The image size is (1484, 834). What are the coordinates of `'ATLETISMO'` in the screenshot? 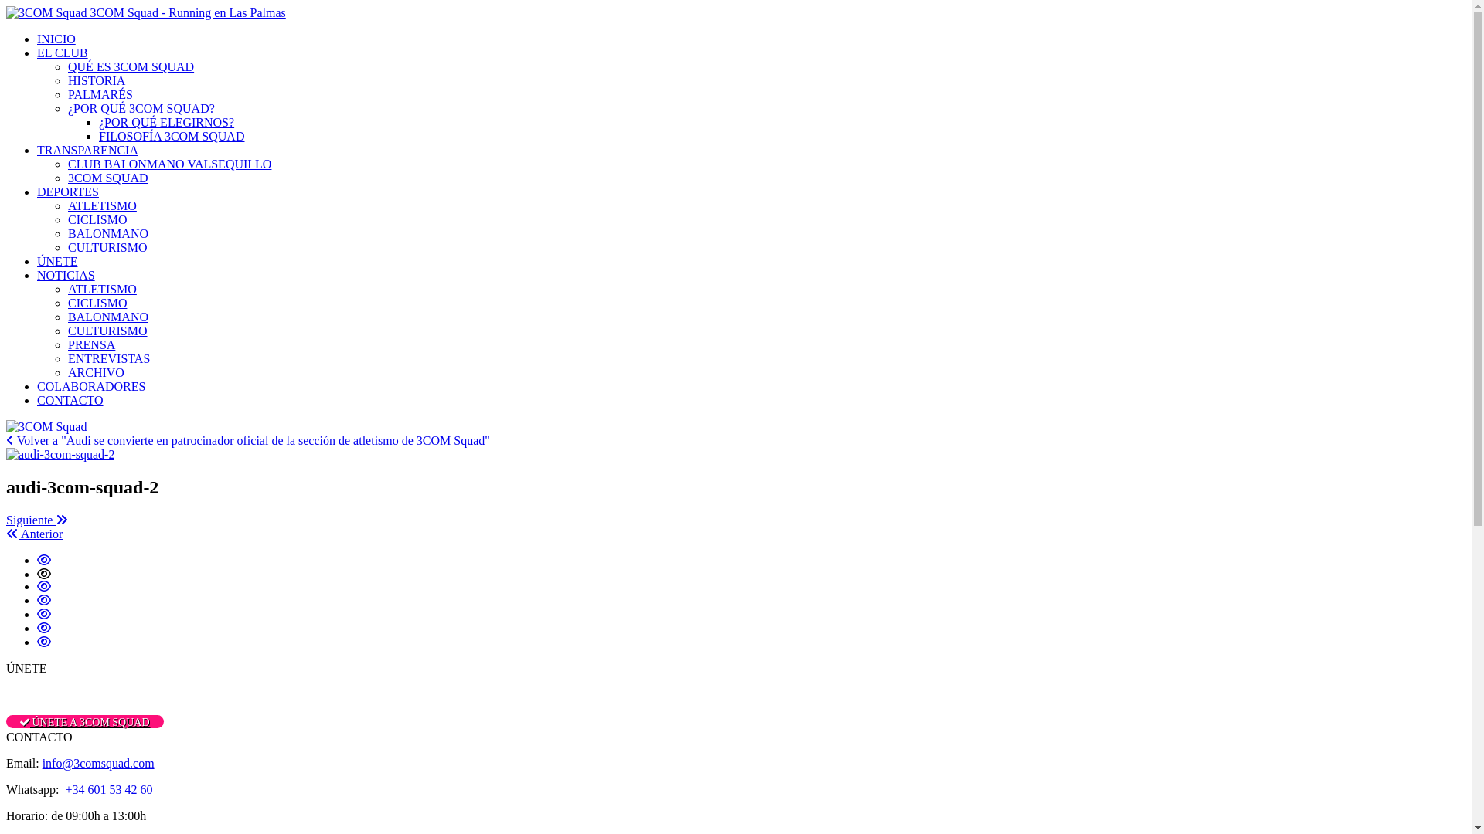 It's located at (101, 289).